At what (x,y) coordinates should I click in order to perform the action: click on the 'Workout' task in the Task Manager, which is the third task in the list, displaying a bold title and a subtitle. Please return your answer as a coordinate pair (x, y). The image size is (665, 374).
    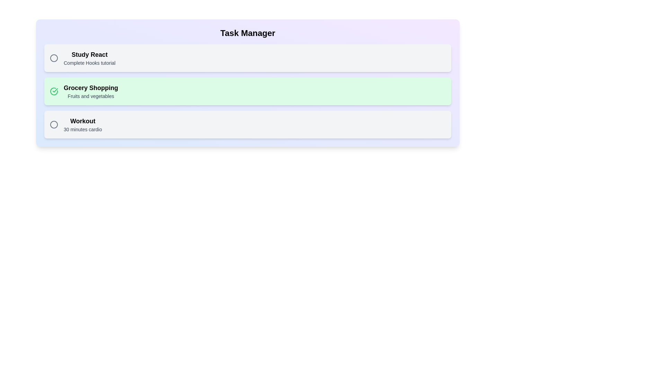
    Looking at the image, I should click on (83, 124).